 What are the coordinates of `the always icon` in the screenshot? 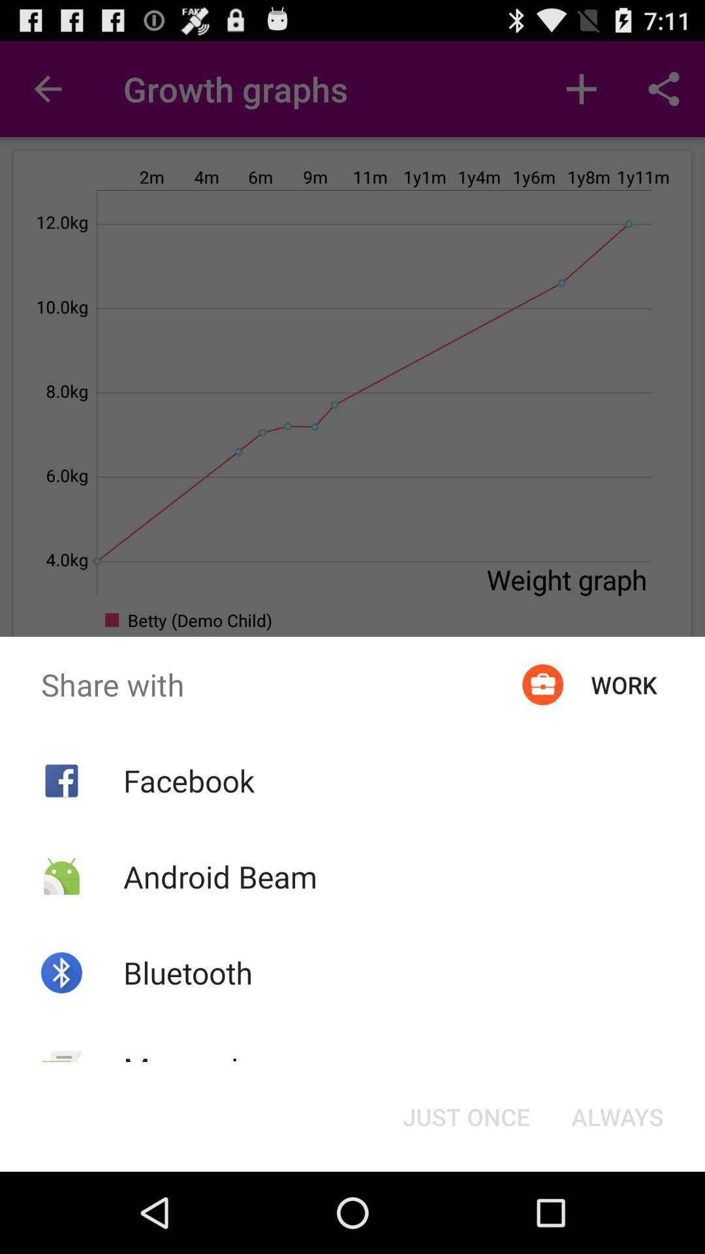 It's located at (617, 1116).